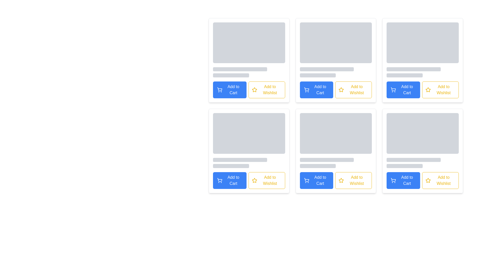 This screenshot has width=488, height=275. What do you see at coordinates (341, 180) in the screenshot?
I see `the star icon with a yellow outline and hollow interior, located inside the 'Add to Wishlist' button at the bottom right corner of the second product card` at bounding box center [341, 180].